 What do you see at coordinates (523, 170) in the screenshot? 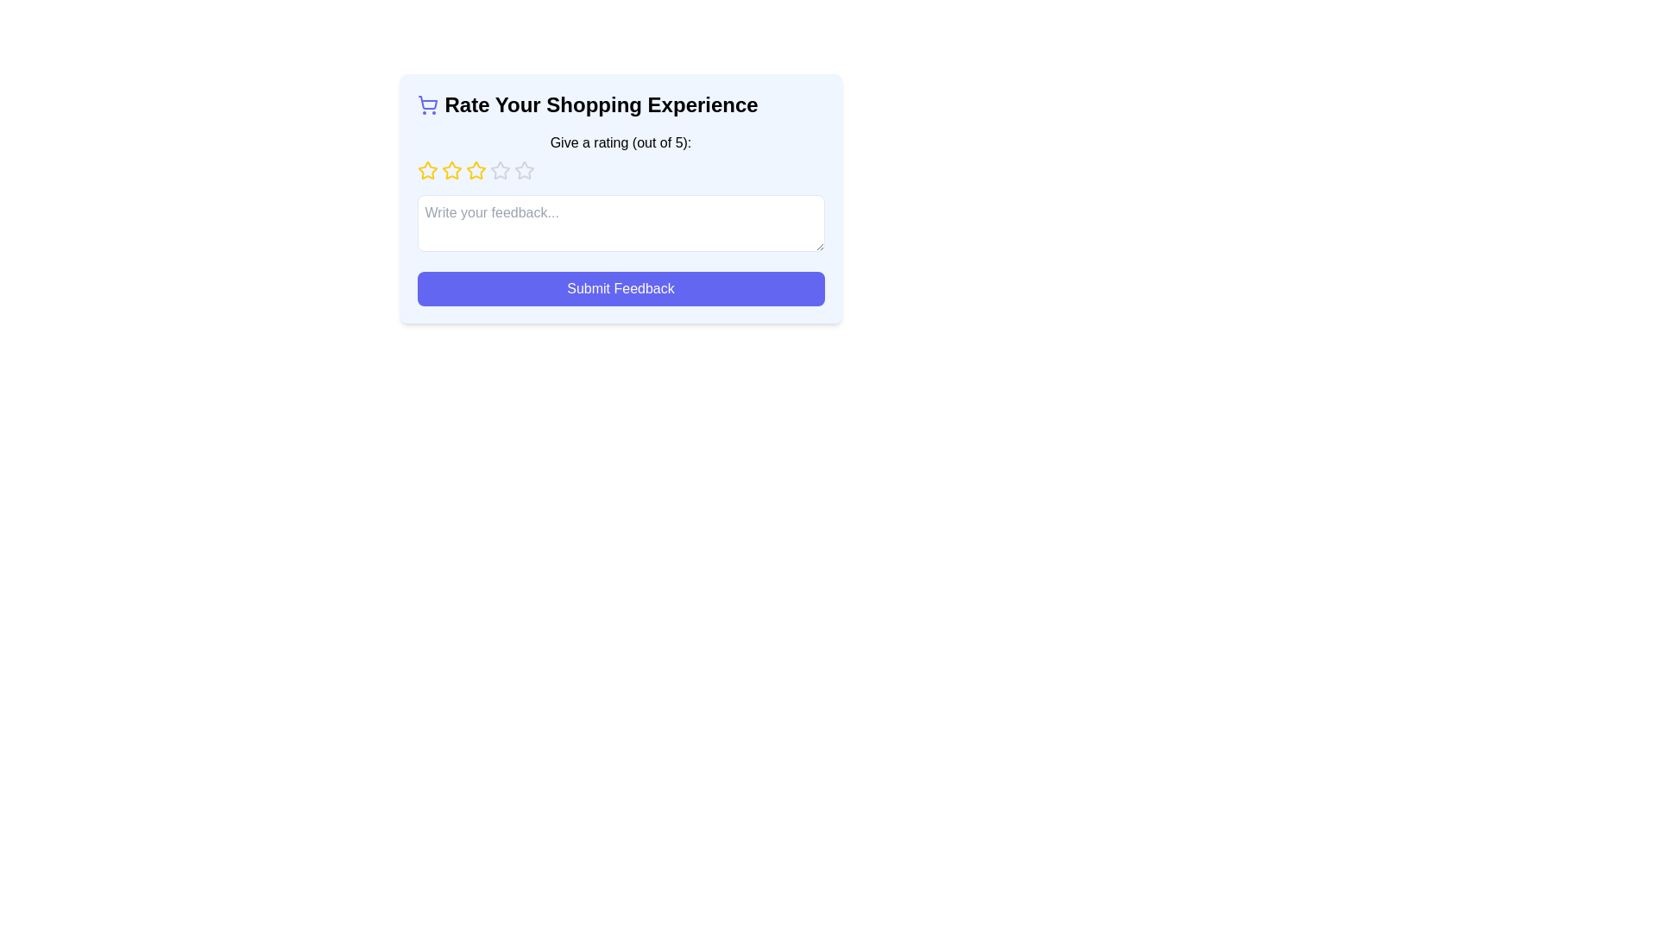
I see `the fourth star icon in the feedback section` at bounding box center [523, 170].